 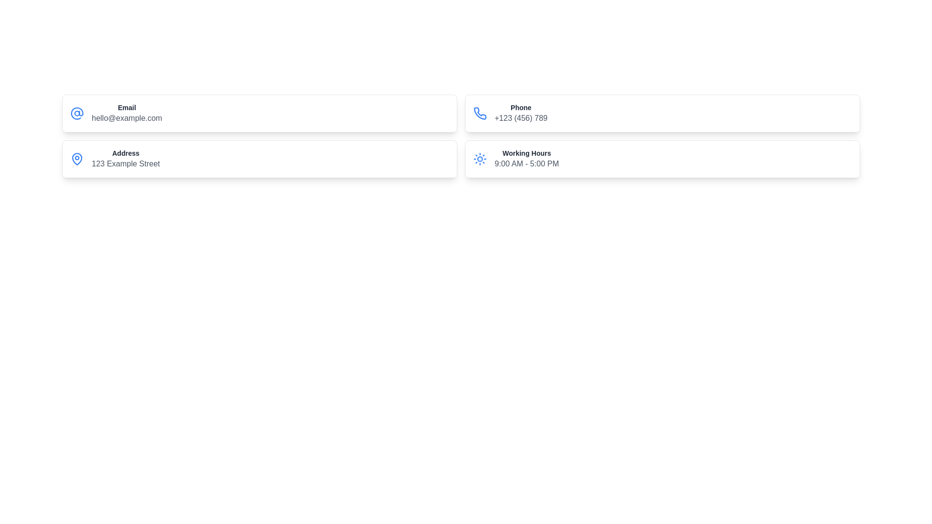 What do you see at coordinates (126, 108) in the screenshot?
I see `the 'Email' label which serves as a descriptor for the email information displayed below it, located in the left column of the layout` at bounding box center [126, 108].